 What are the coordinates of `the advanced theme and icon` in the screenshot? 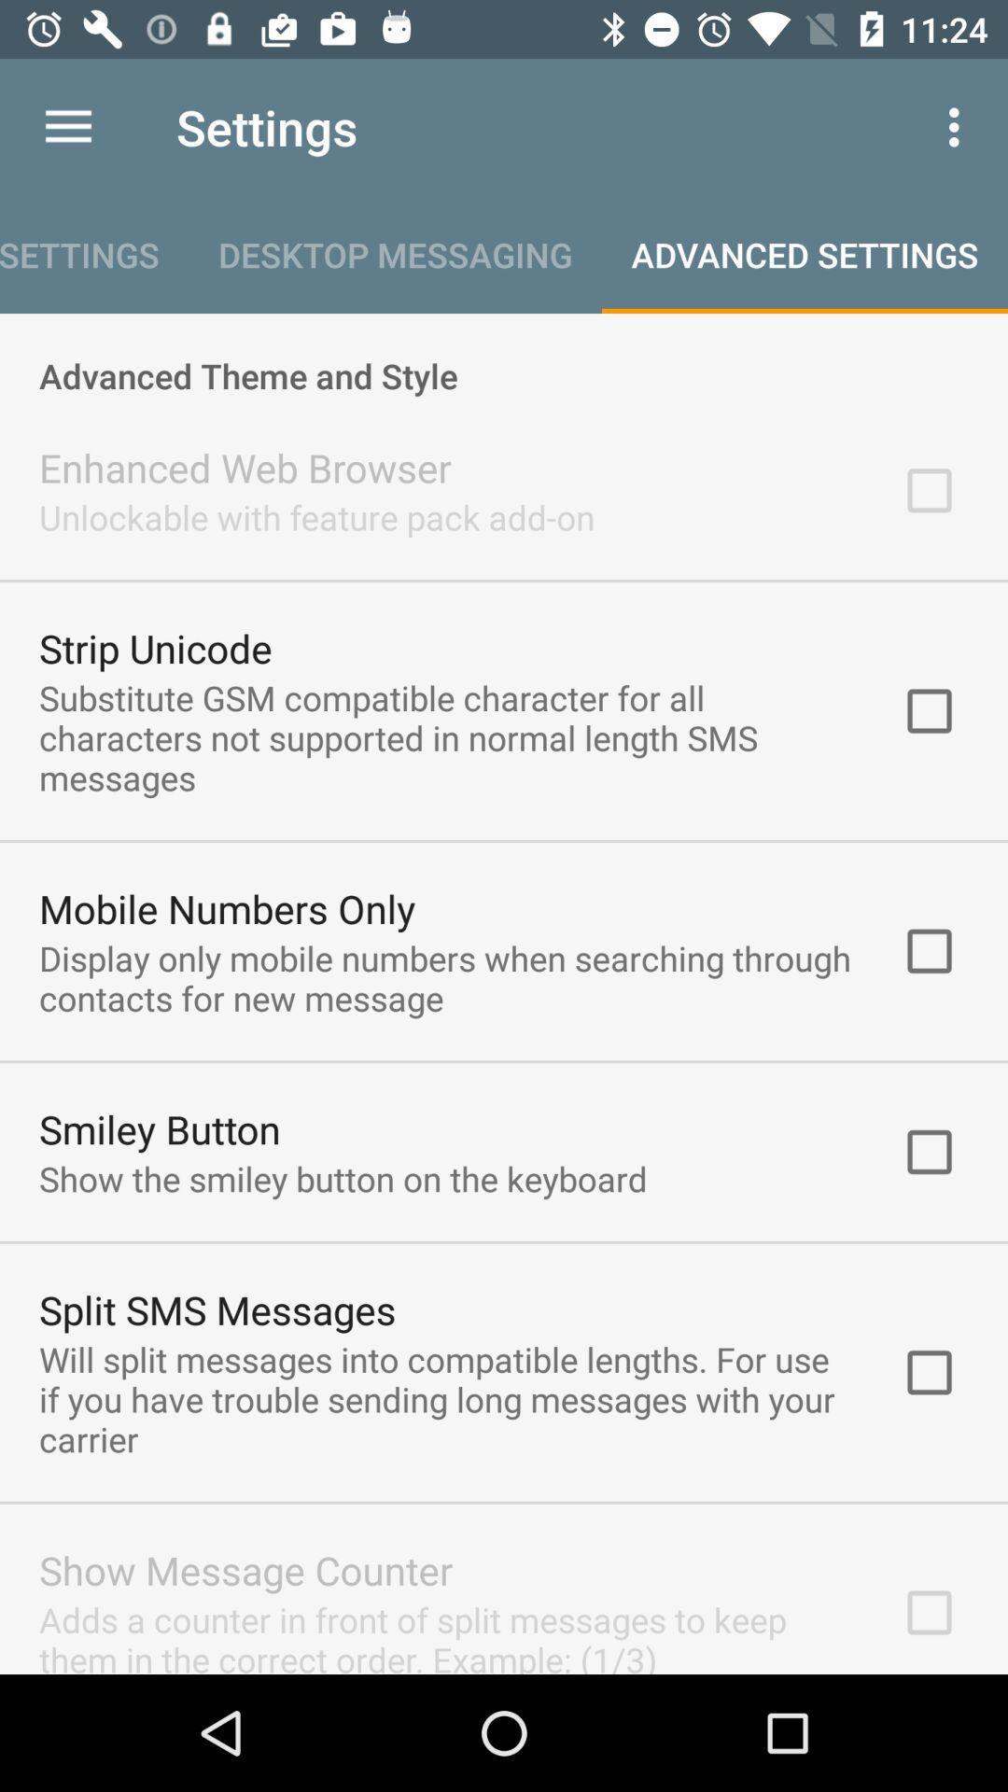 It's located at (504, 356).